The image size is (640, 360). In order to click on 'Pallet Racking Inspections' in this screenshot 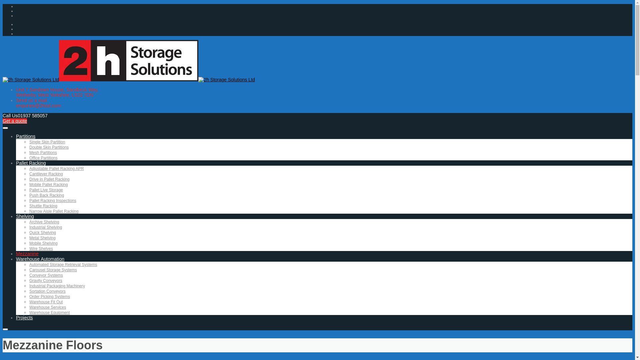, I will do `click(29, 200)`.